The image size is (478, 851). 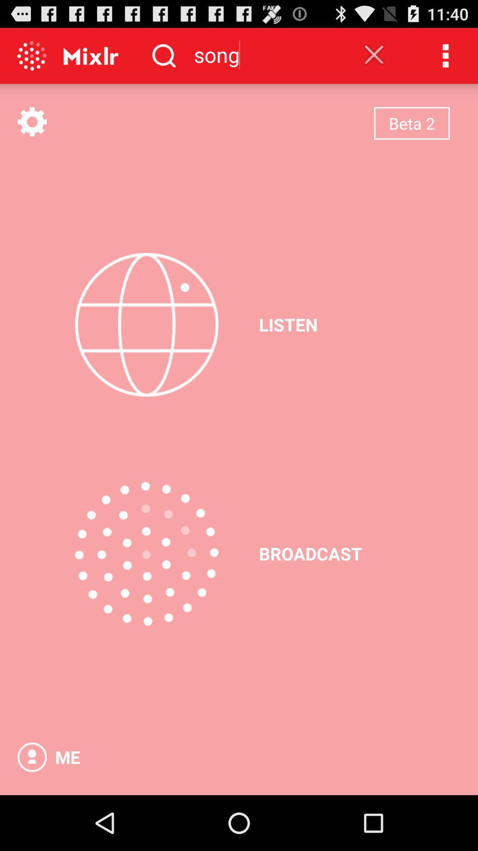 What do you see at coordinates (146, 553) in the screenshot?
I see `the icon to the left of broadcast item` at bounding box center [146, 553].